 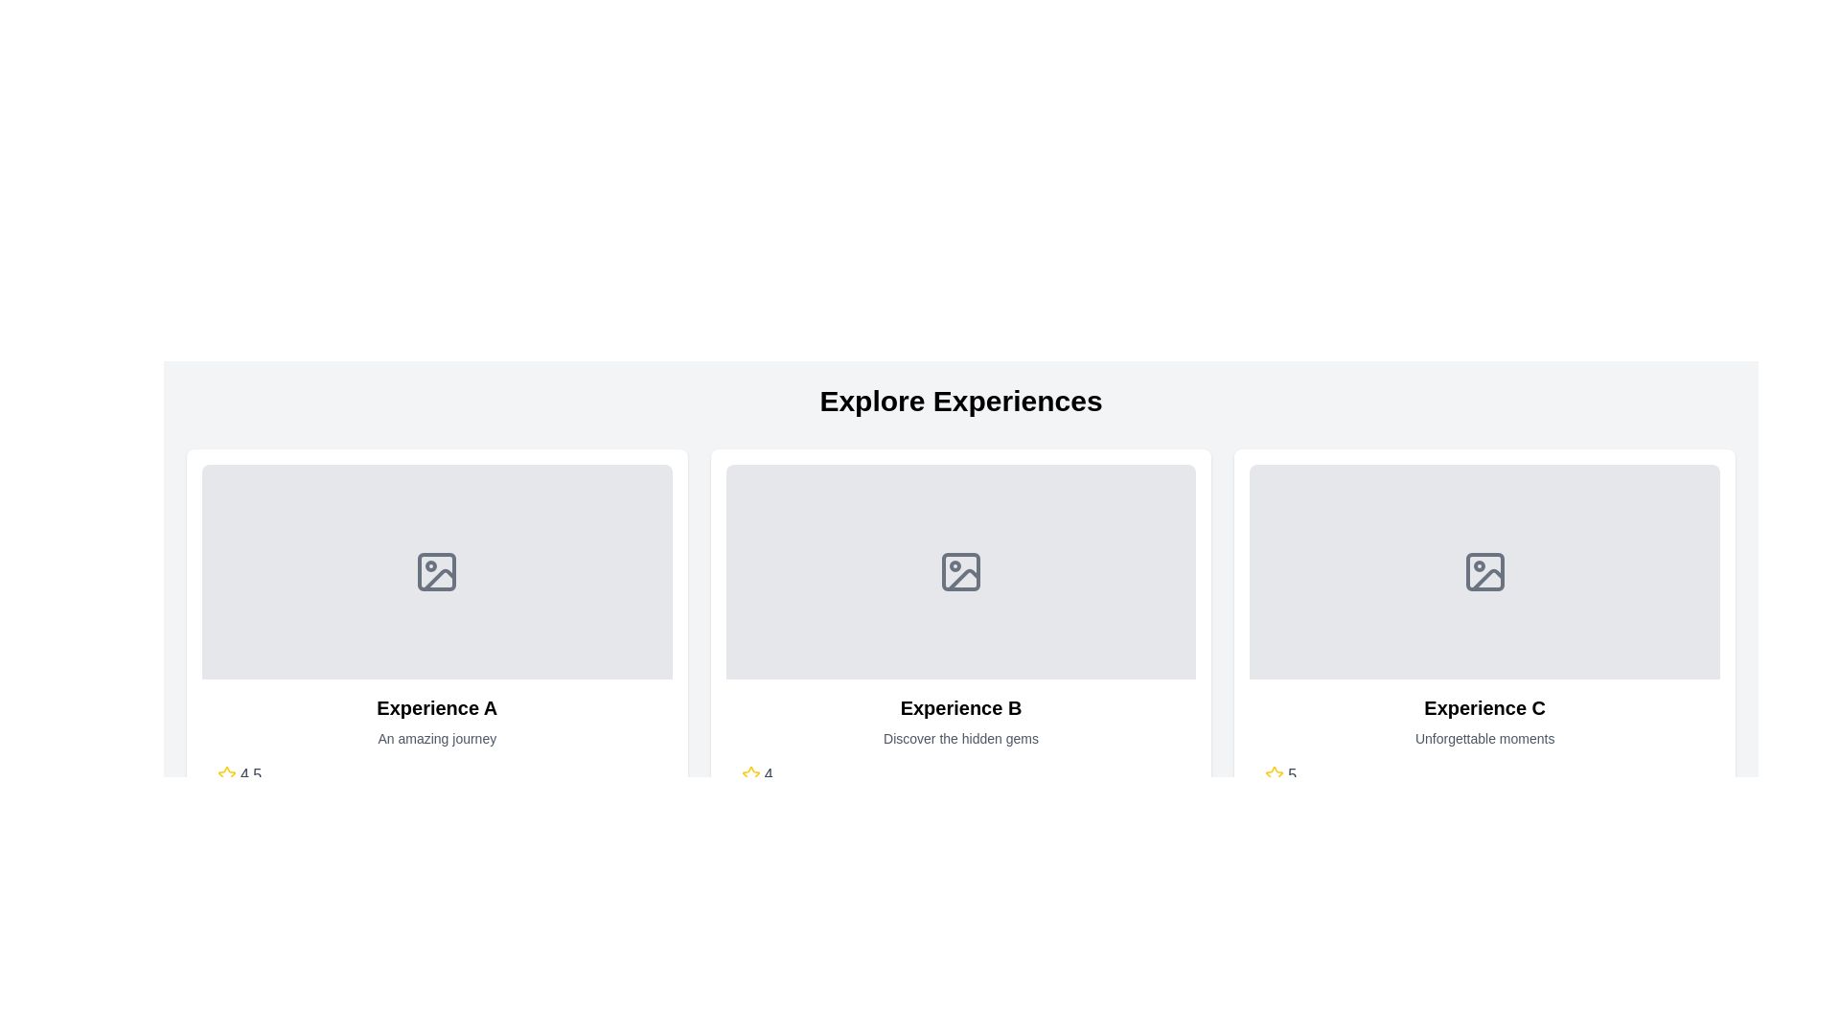 What do you see at coordinates (436, 739) in the screenshot?
I see `the Information display card featuring the bold heading 'Experience A', subtext 'An amazing journey', and a star graphic with a rating value '4.5', located in the first column under the main heading 'Explore Experiences'` at bounding box center [436, 739].